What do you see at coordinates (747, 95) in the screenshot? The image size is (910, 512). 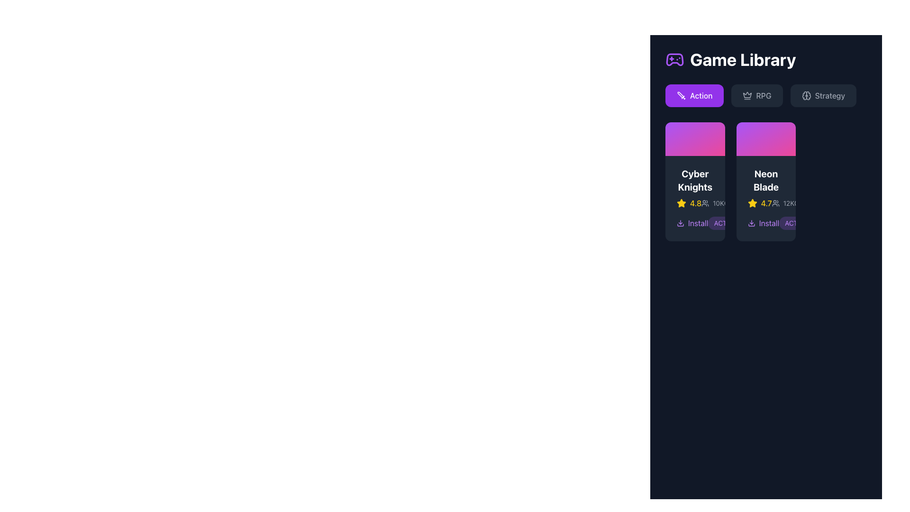 I see `the non-interactive crown icon located to the left of the 'RPG' text label within the 'Game Library' section` at bounding box center [747, 95].